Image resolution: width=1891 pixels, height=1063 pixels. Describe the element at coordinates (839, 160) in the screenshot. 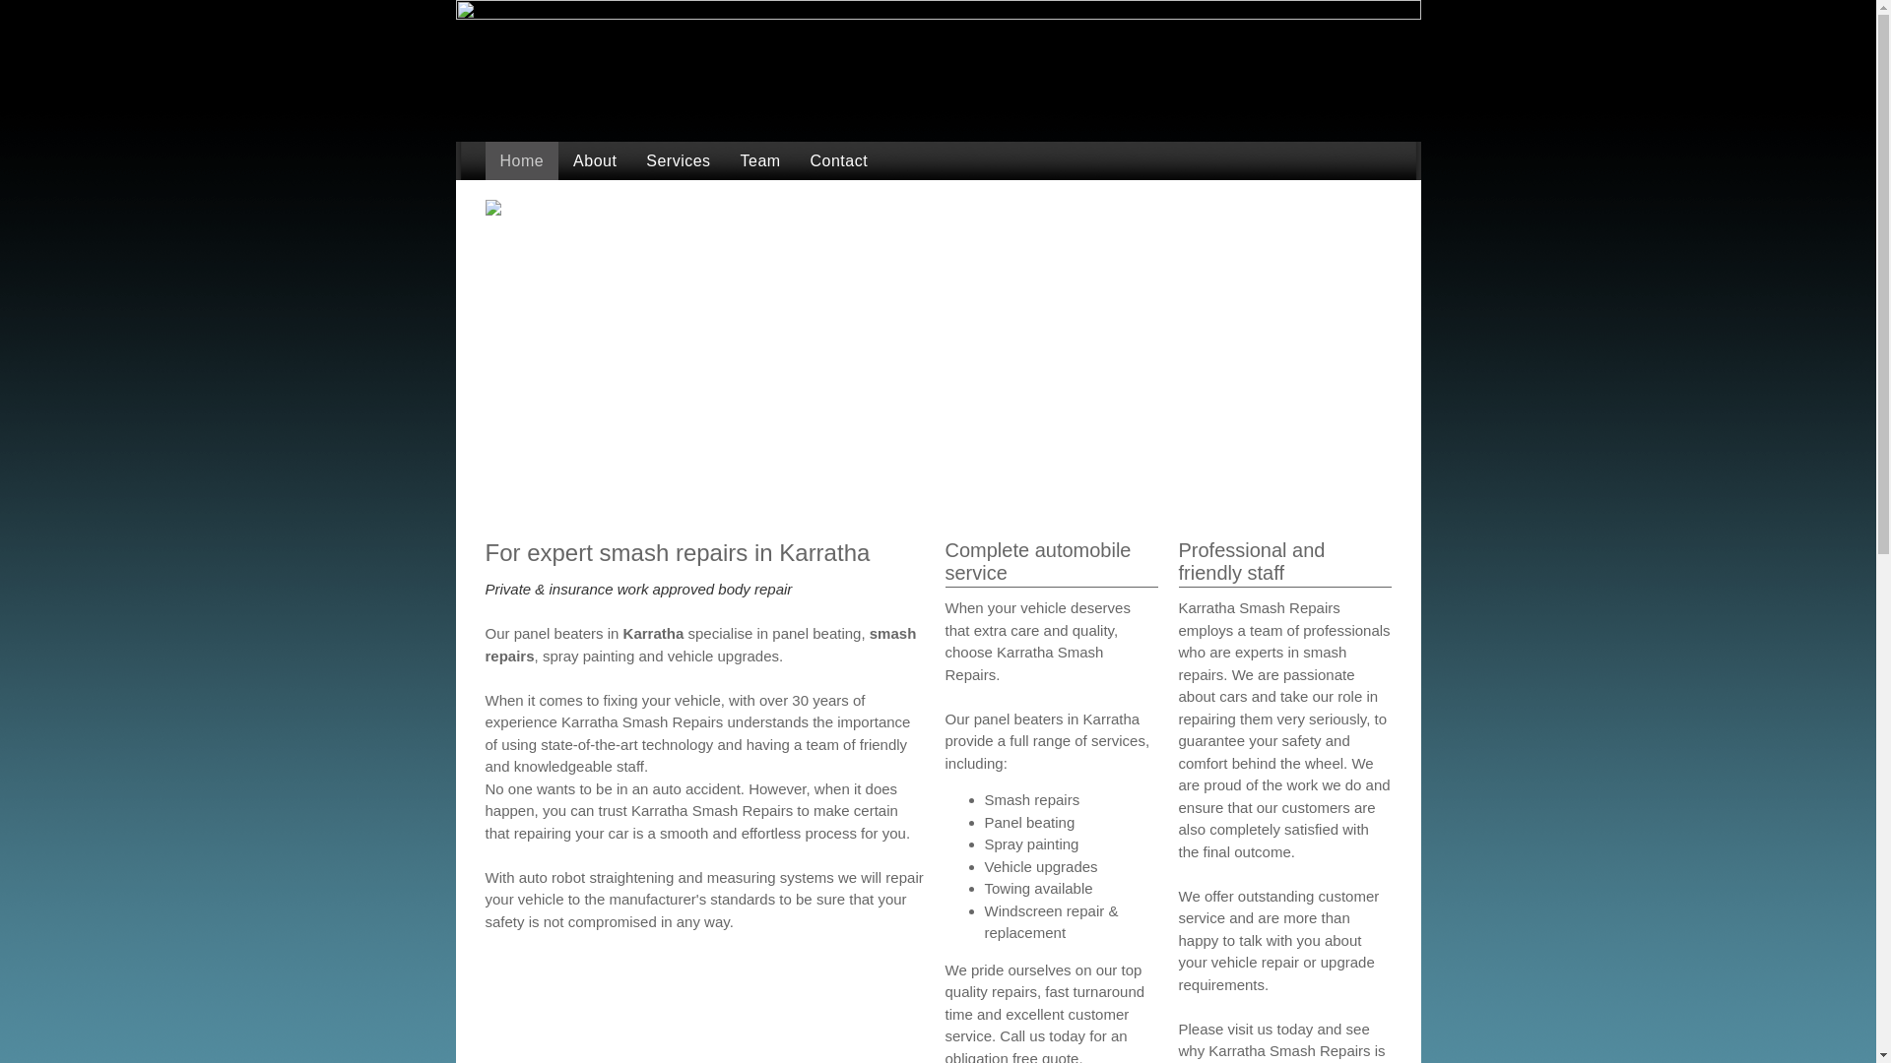

I see `'Contact'` at that location.